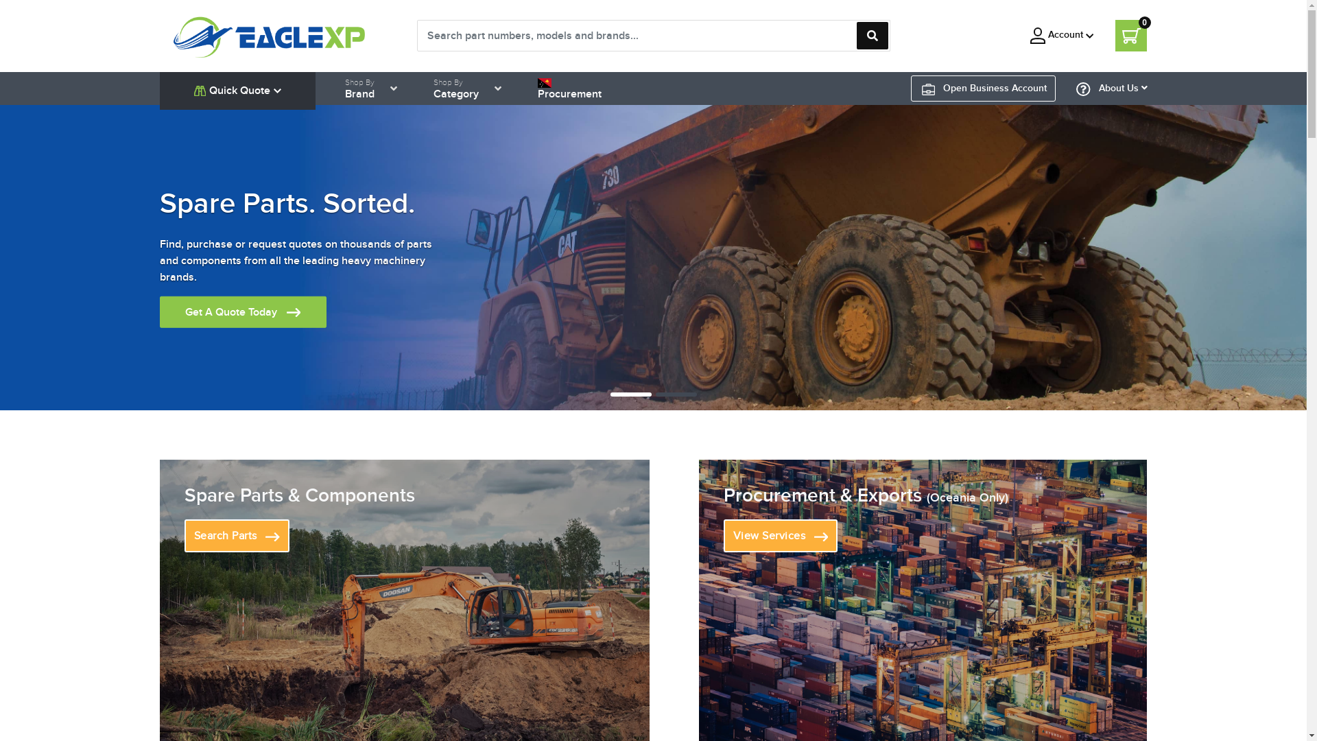 The height and width of the screenshot is (741, 1317). I want to click on 'Shop By, so click(359, 88).